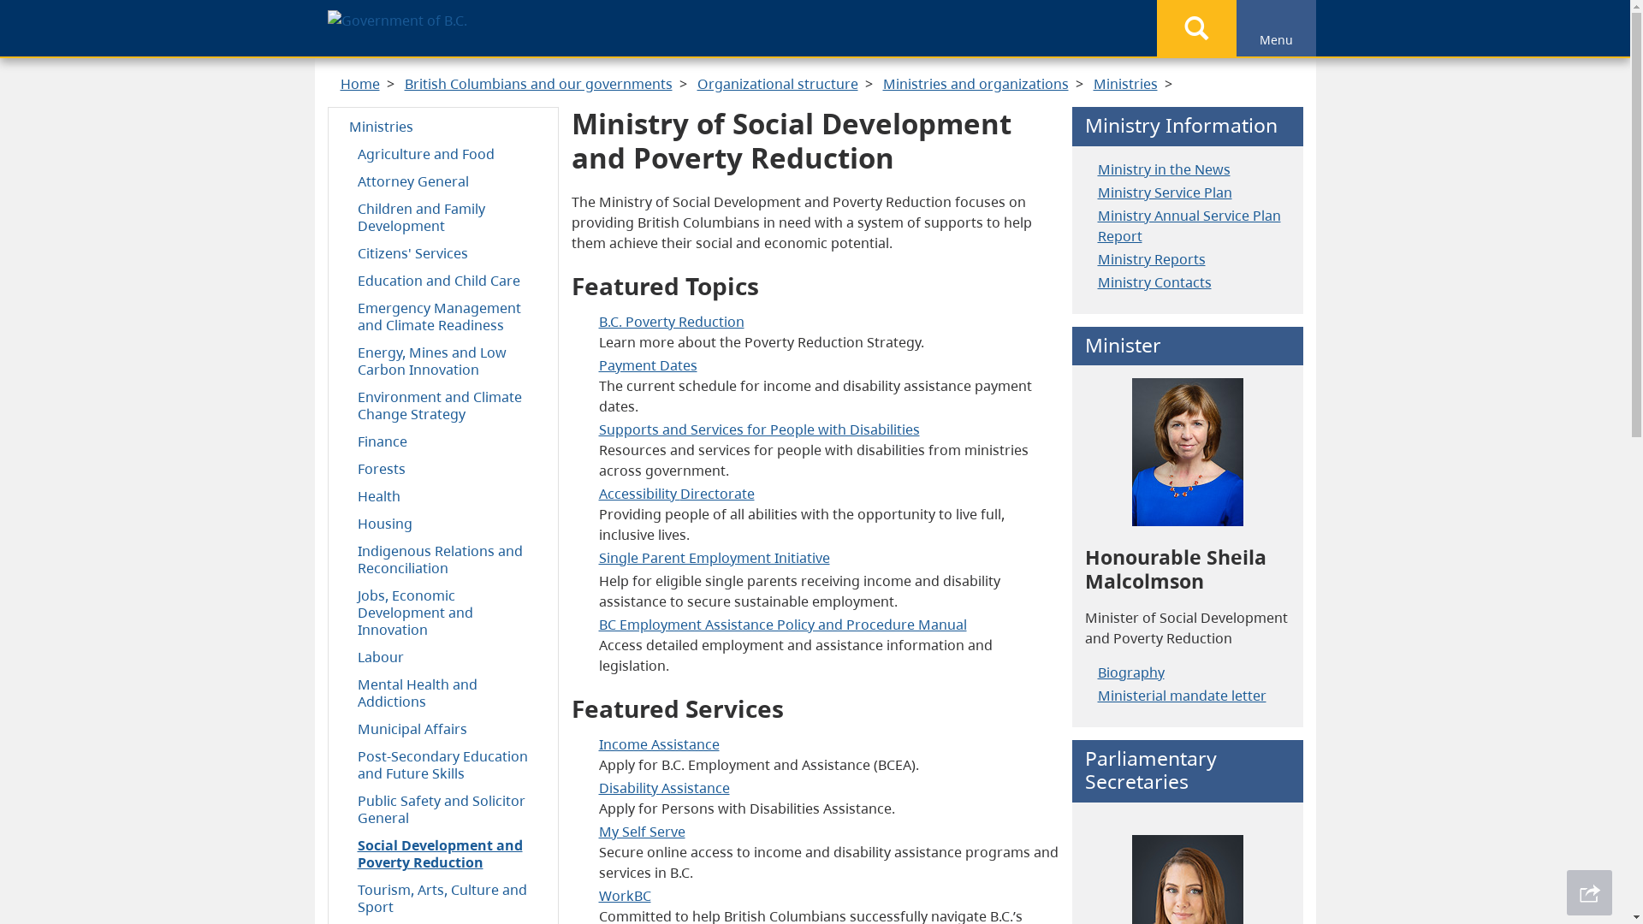 This screenshot has width=1643, height=924. What do you see at coordinates (1130, 672) in the screenshot?
I see `'Biography'` at bounding box center [1130, 672].